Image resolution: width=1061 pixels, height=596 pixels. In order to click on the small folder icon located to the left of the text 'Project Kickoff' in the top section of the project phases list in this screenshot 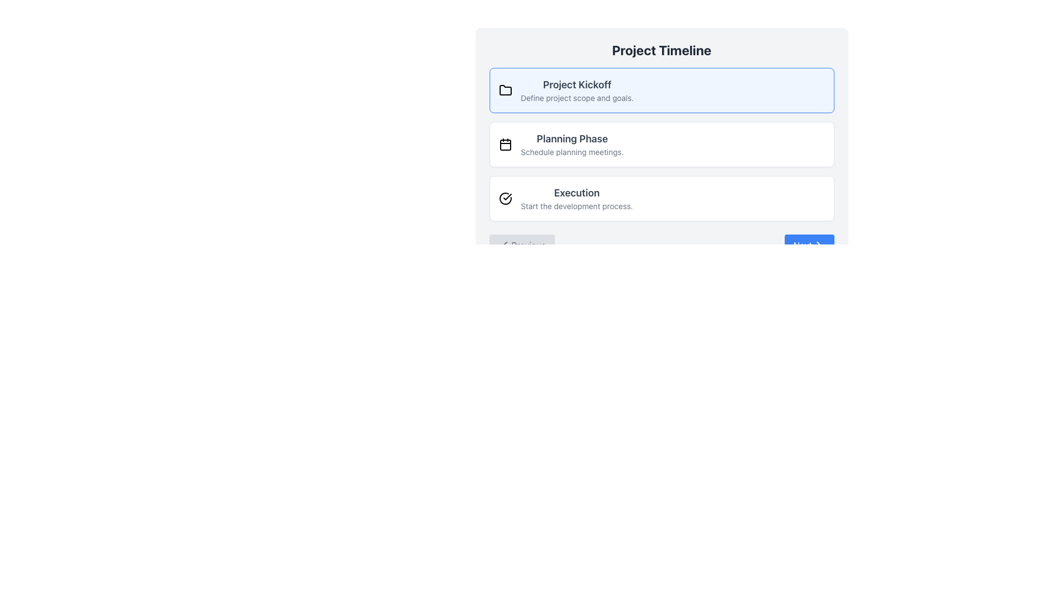, I will do `click(505, 90)`.